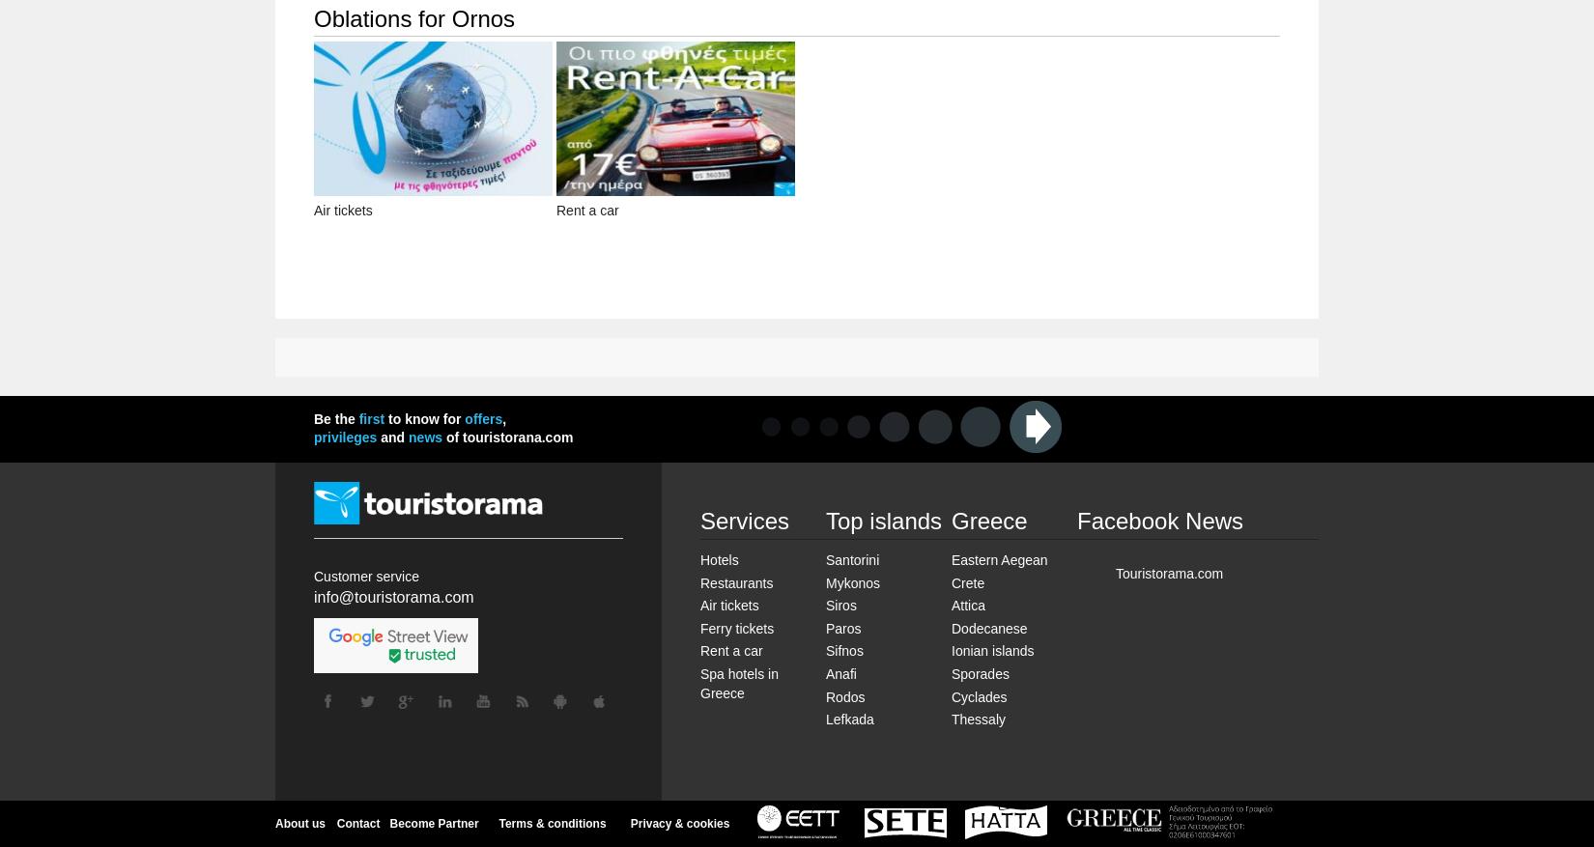 The image size is (1594, 847). I want to click on 'Privacy & cookies', so click(678, 823).